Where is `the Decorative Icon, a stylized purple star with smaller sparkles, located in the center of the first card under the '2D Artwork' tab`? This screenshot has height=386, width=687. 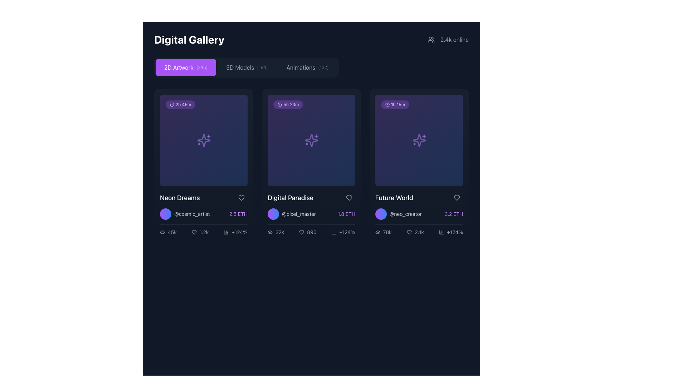
the Decorative Icon, a stylized purple star with smaller sparkles, located in the center of the first card under the '2D Artwork' tab is located at coordinates (203, 140).